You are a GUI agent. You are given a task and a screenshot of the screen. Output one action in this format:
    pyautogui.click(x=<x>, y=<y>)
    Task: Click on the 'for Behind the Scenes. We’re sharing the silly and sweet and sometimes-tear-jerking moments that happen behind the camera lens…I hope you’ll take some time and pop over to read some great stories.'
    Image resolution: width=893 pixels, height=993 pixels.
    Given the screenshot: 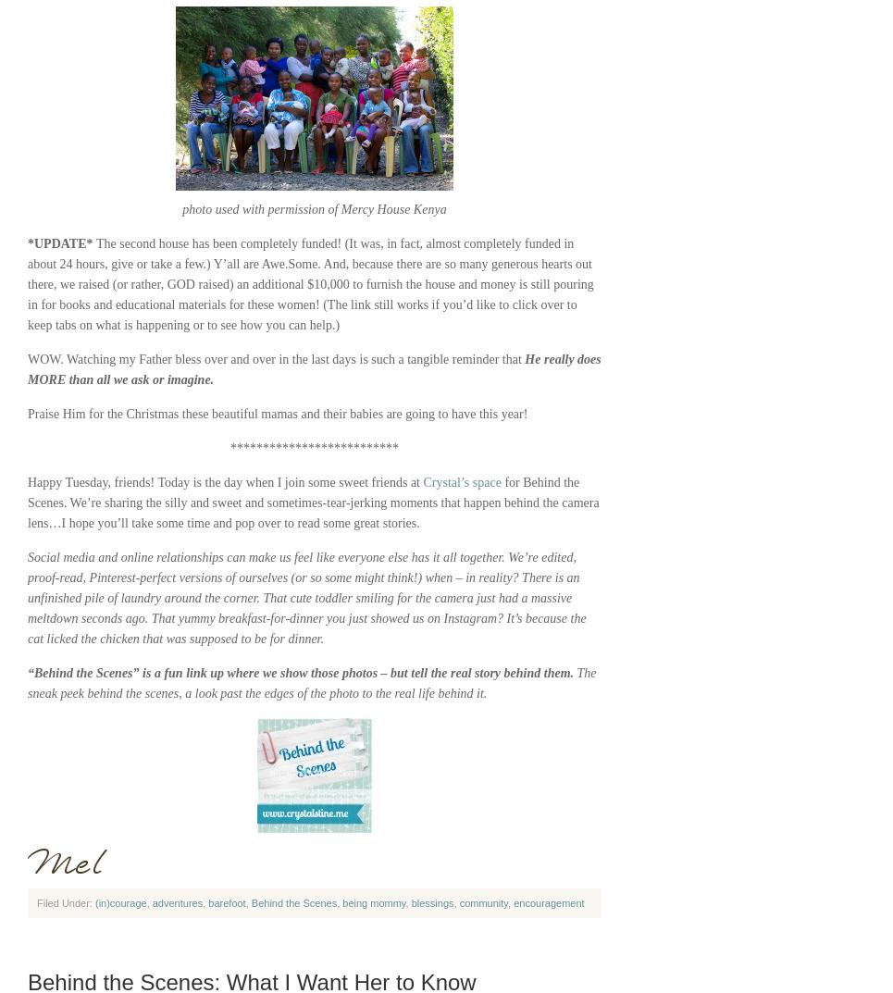 What is the action you would take?
    pyautogui.click(x=313, y=503)
    